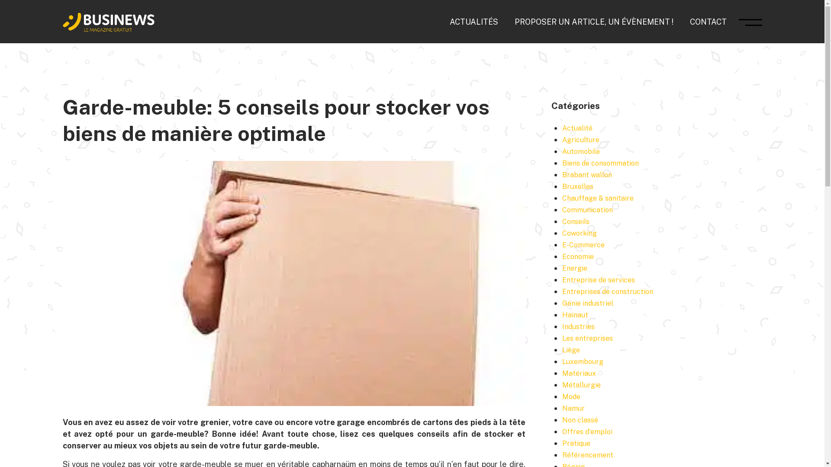 The image size is (831, 467). Describe the element at coordinates (581, 151) in the screenshot. I see `'Automobile'` at that location.